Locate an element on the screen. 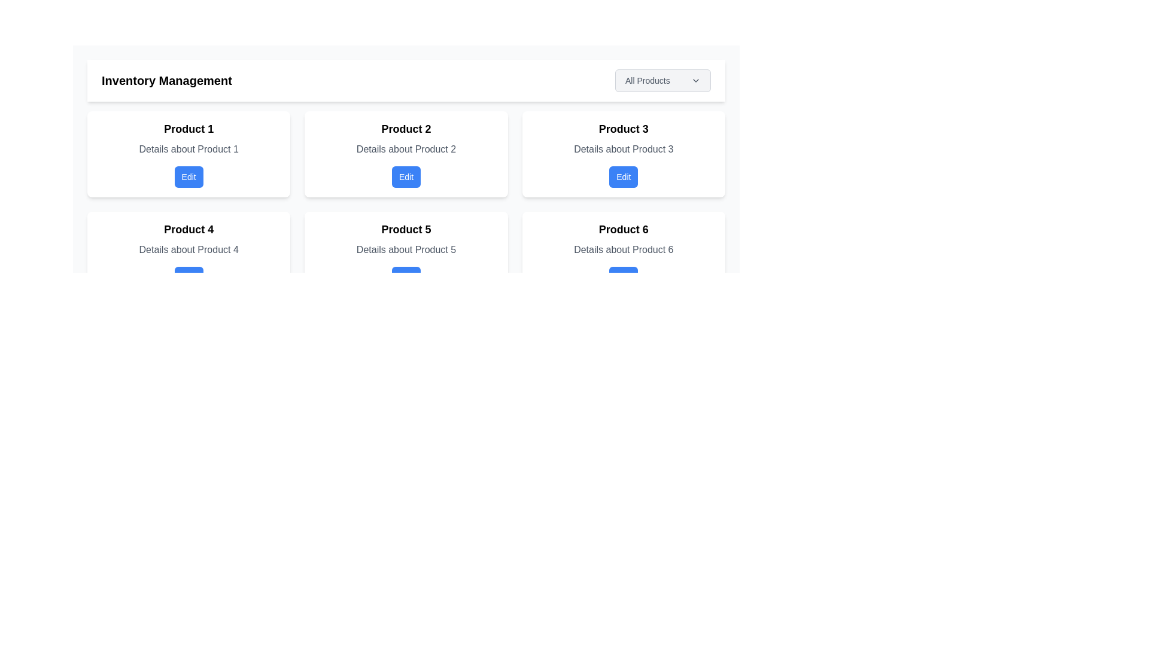 The height and width of the screenshot is (646, 1149). the 'Product 1' text element is located at coordinates (188, 129).